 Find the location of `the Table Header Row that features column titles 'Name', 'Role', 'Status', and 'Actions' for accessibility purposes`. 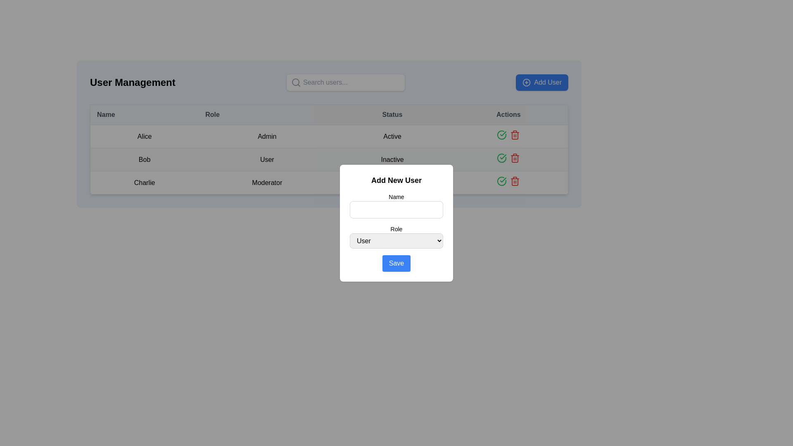

the Table Header Row that features column titles 'Name', 'Role', 'Status', and 'Actions' for accessibility purposes is located at coordinates (328, 114).